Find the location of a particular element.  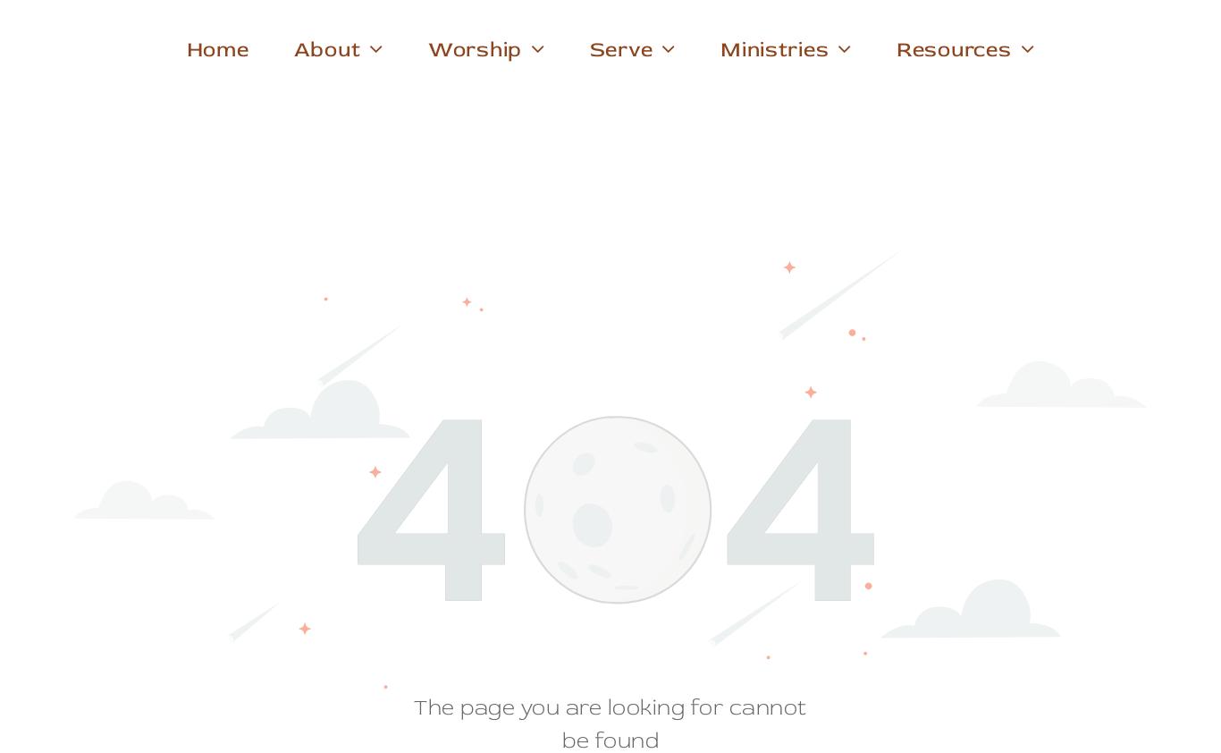

'Staff' is located at coordinates (324, 82).